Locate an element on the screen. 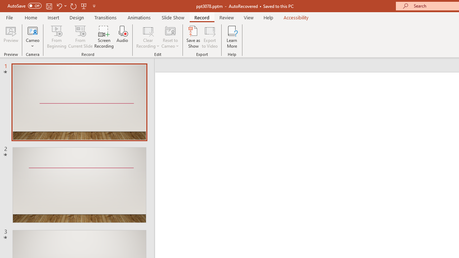 Image resolution: width=459 pixels, height=258 pixels. 'From Current Slide...' is located at coordinates (80, 37).